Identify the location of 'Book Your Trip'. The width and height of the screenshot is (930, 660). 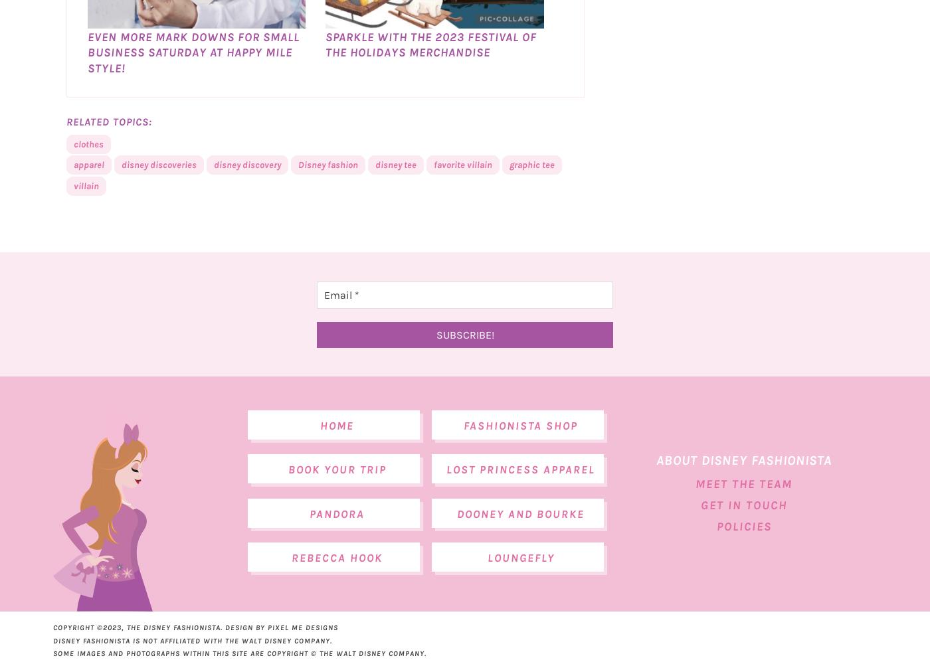
(336, 498).